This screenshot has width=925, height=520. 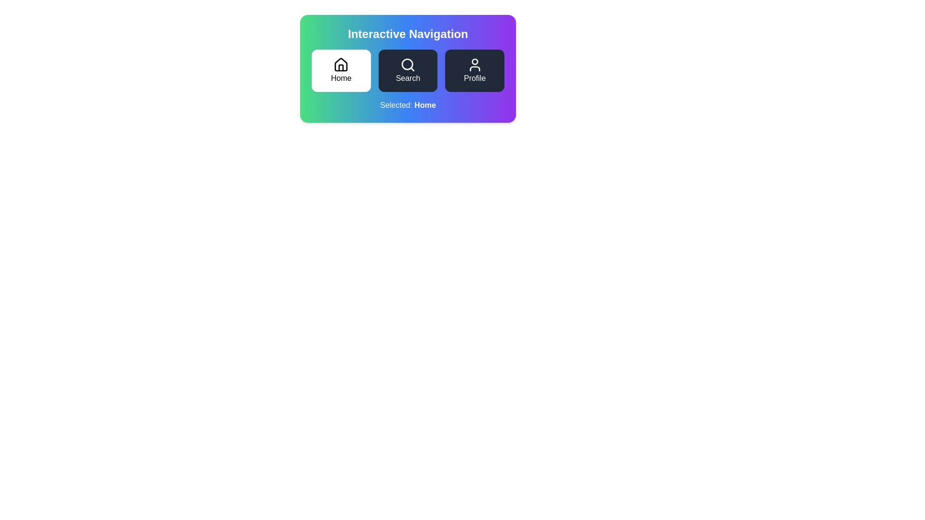 What do you see at coordinates (408, 105) in the screenshot?
I see `the text label that states 'Selected: Home', which is styled with white text color and centered alignment, located below the navigation buttons in the bottom section of the module` at bounding box center [408, 105].